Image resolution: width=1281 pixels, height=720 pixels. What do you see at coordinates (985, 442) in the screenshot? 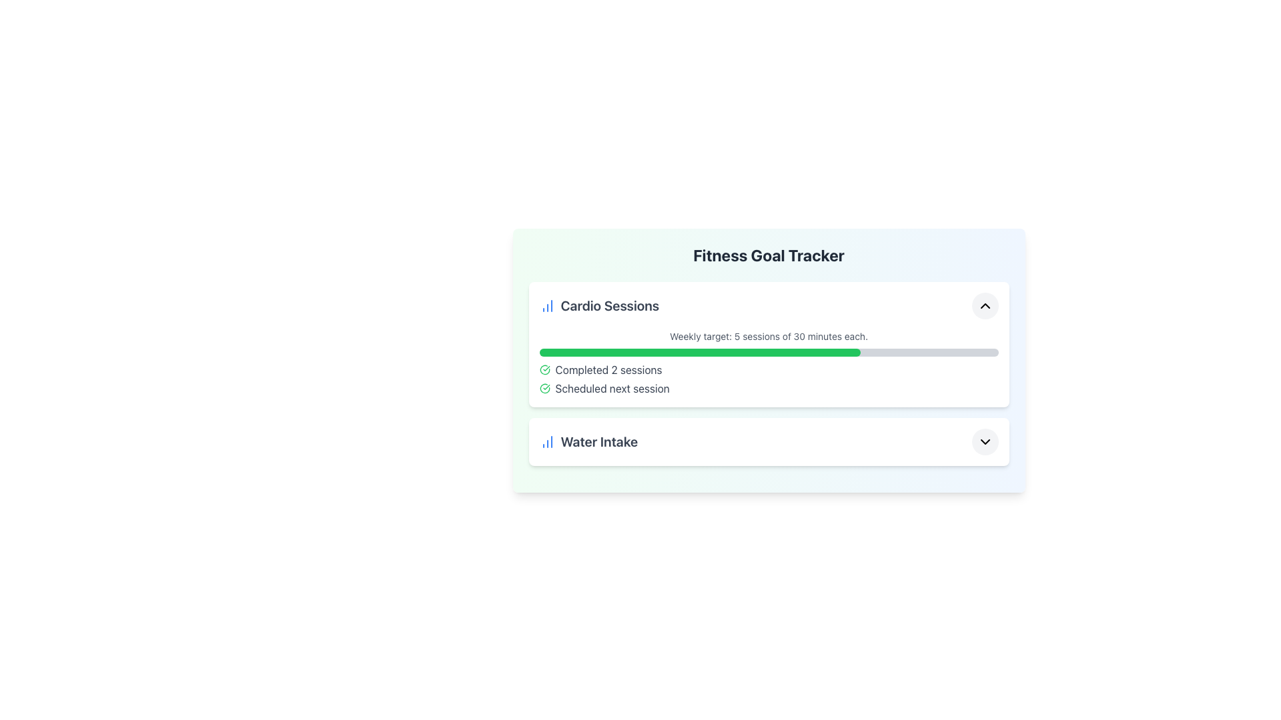
I see `the dropdown toggle button located at the far right of the 'Water Intake' section` at bounding box center [985, 442].